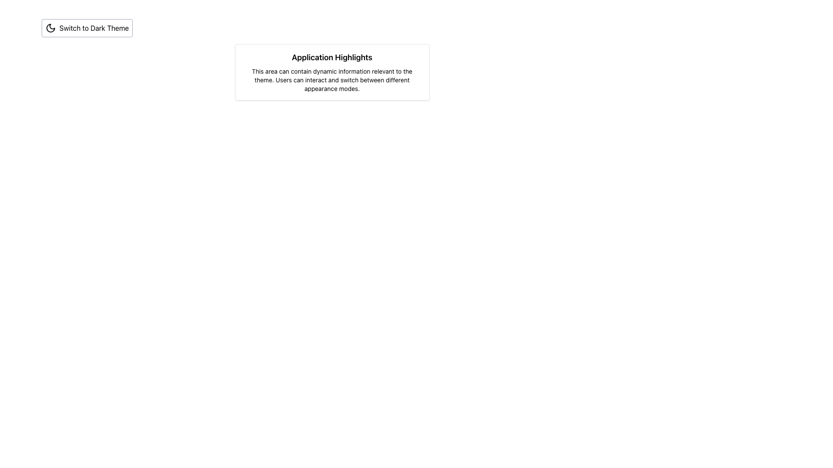 The image size is (833, 468). I want to click on the inner crescent shape of the moon icon, which symbolizes the toggle for dark mode, so click(50, 28).